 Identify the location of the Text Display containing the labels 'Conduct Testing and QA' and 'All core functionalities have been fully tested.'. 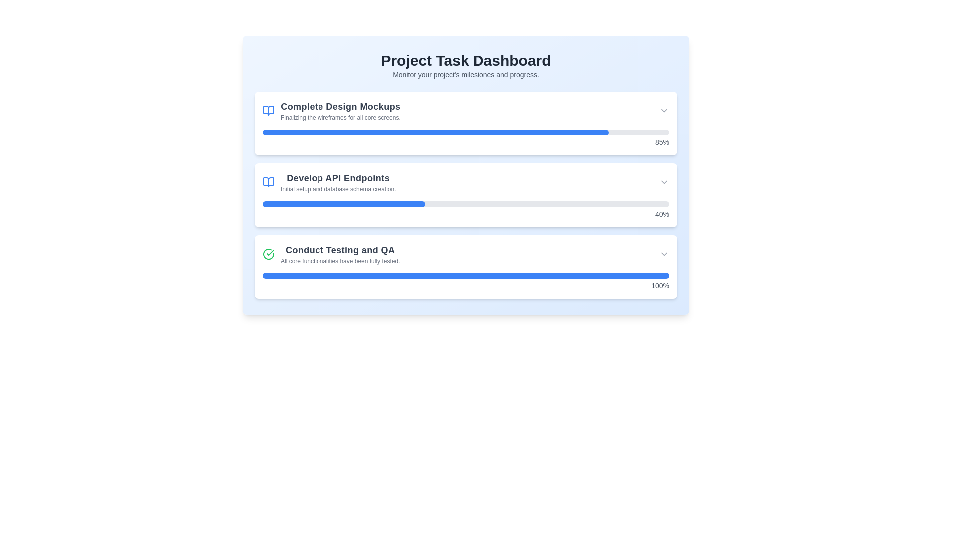
(340, 253).